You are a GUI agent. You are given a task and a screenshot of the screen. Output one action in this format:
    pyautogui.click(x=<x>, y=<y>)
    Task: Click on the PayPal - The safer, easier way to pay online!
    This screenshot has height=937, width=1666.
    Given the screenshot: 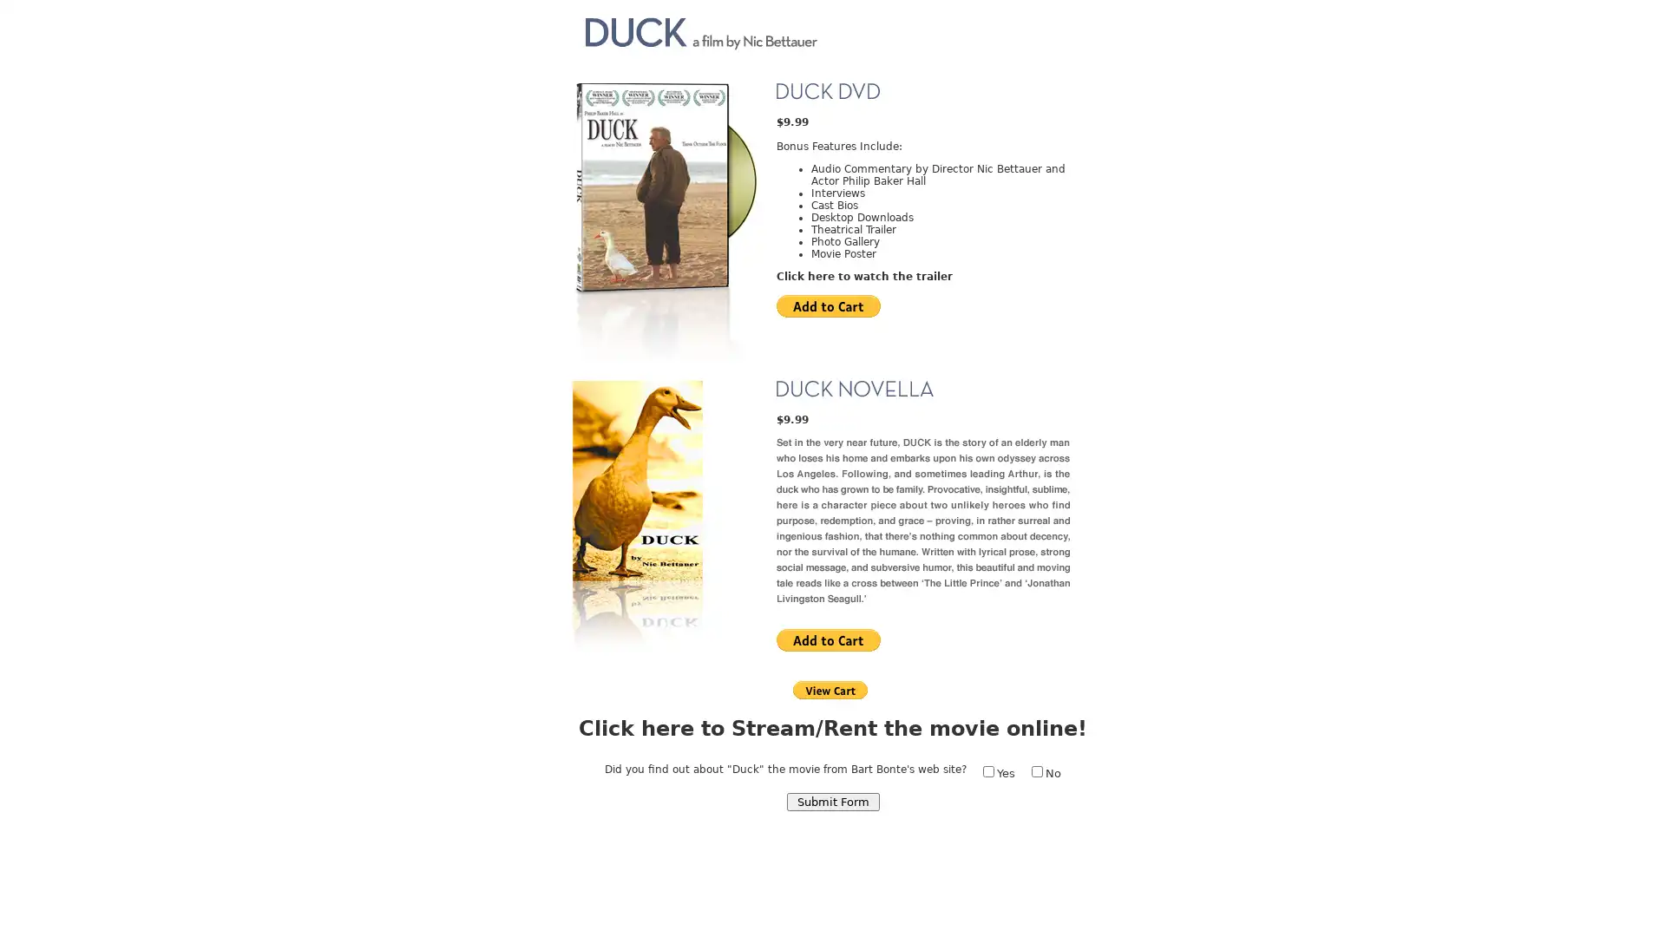 What is the action you would take?
    pyautogui.click(x=829, y=689)
    